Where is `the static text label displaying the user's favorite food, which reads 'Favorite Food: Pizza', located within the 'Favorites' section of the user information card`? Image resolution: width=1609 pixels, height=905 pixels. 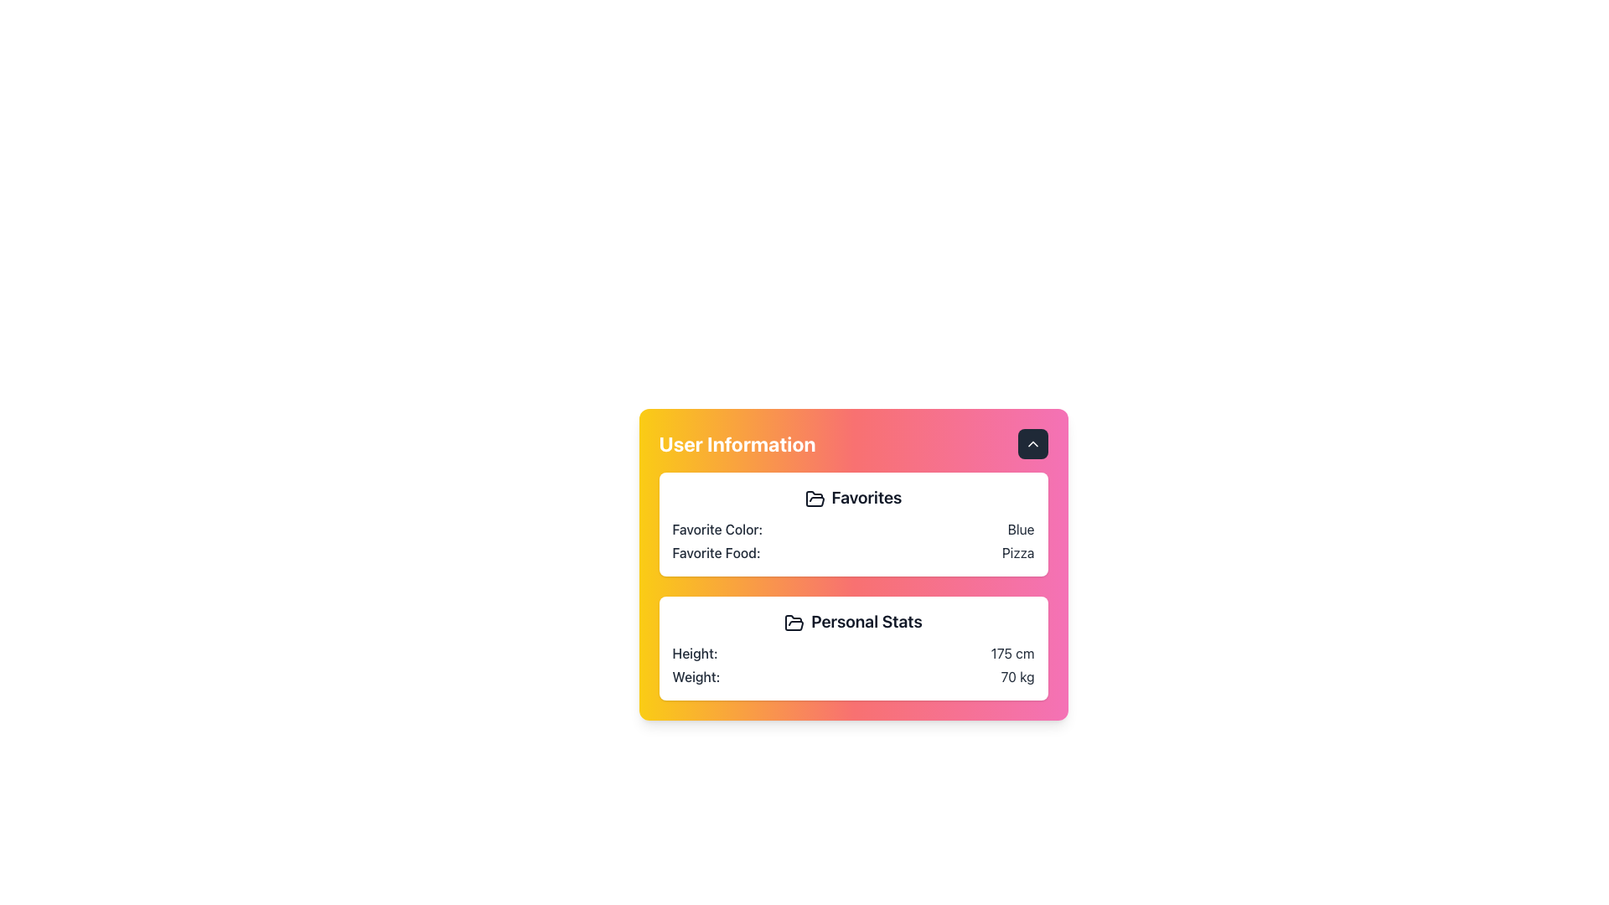
the static text label displaying the user's favorite food, which reads 'Favorite Food: Pizza', located within the 'Favorites' section of the user information card is located at coordinates (1017, 552).